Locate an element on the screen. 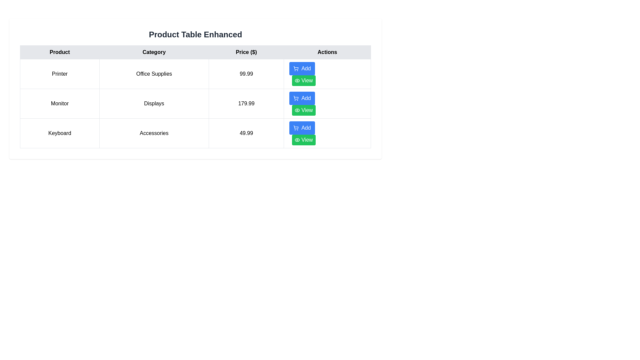 The width and height of the screenshot is (640, 360). the Text label in the second column of the table, which represents the category of the item and is positioned under the 'Category' header, centered between 'Printer' and '99.99' is located at coordinates (154, 74).